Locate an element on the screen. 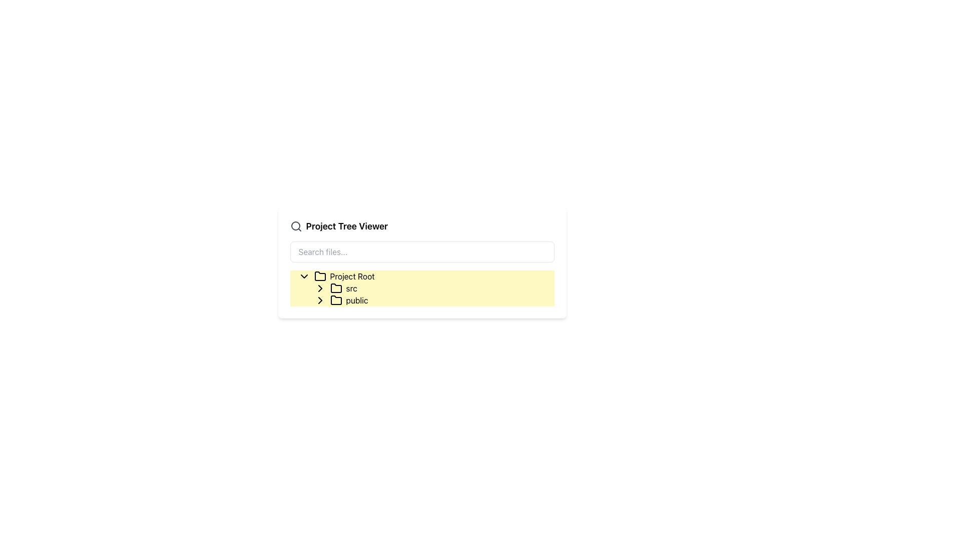 Image resolution: width=961 pixels, height=540 pixels. the Tree View Component located is located at coordinates (422, 288).